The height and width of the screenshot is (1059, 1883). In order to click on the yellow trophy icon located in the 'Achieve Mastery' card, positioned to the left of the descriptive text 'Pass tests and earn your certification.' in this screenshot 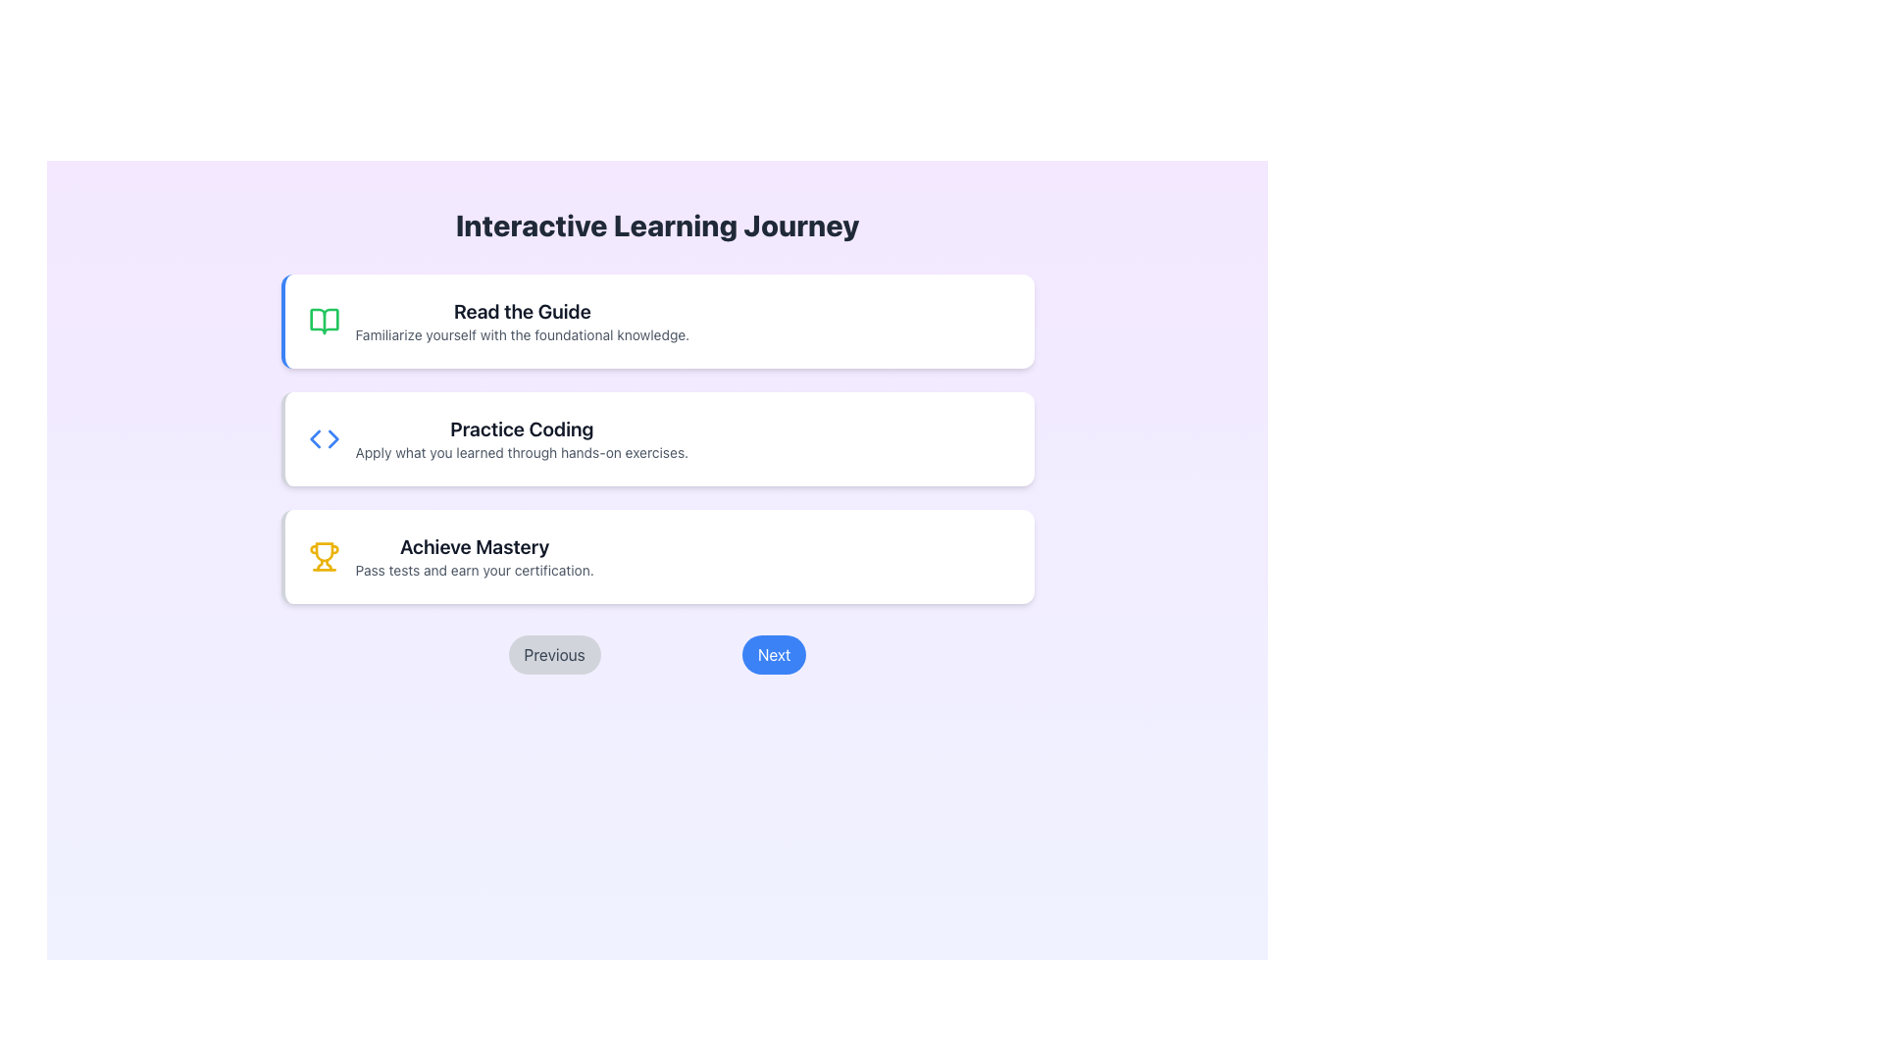, I will do `click(324, 556)`.